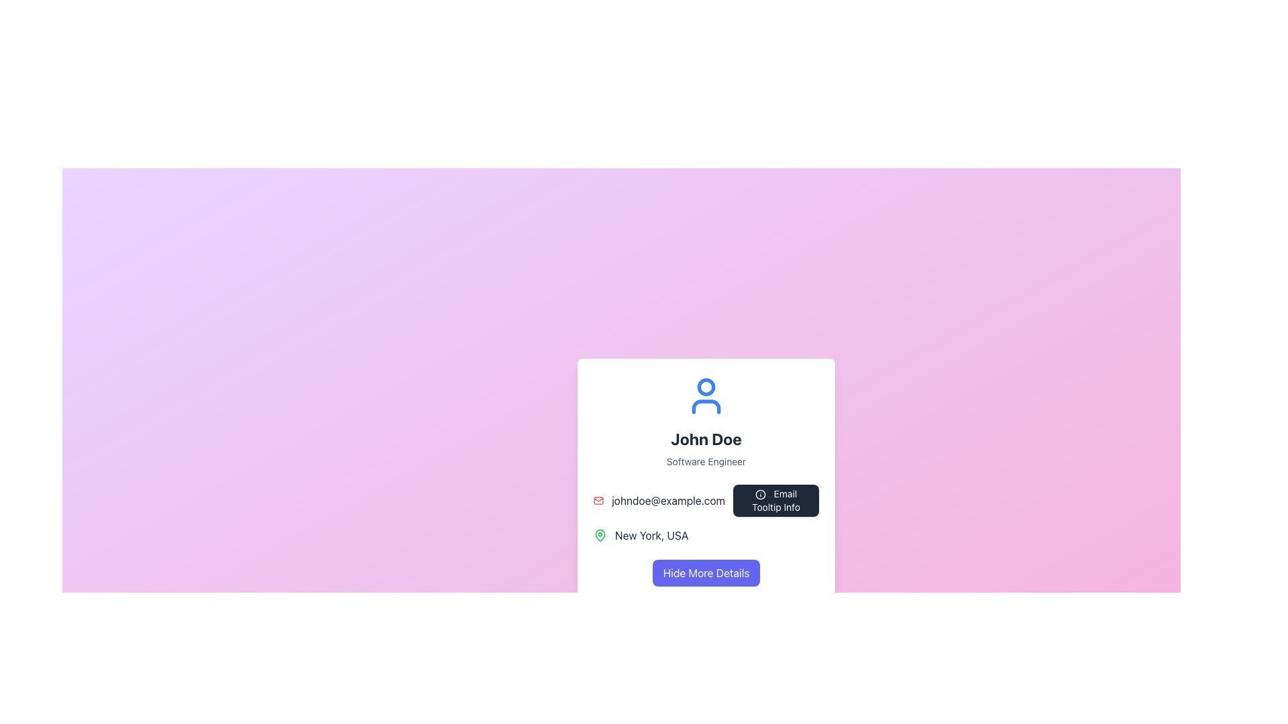 This screenshot has height=724, width=1288. What do you see at coordinates (598, 501) in the screenshot?
I see `the email icon located to the left of the text 'johndoe@example.com' in the user profile card` at bounding box center [598, 501].